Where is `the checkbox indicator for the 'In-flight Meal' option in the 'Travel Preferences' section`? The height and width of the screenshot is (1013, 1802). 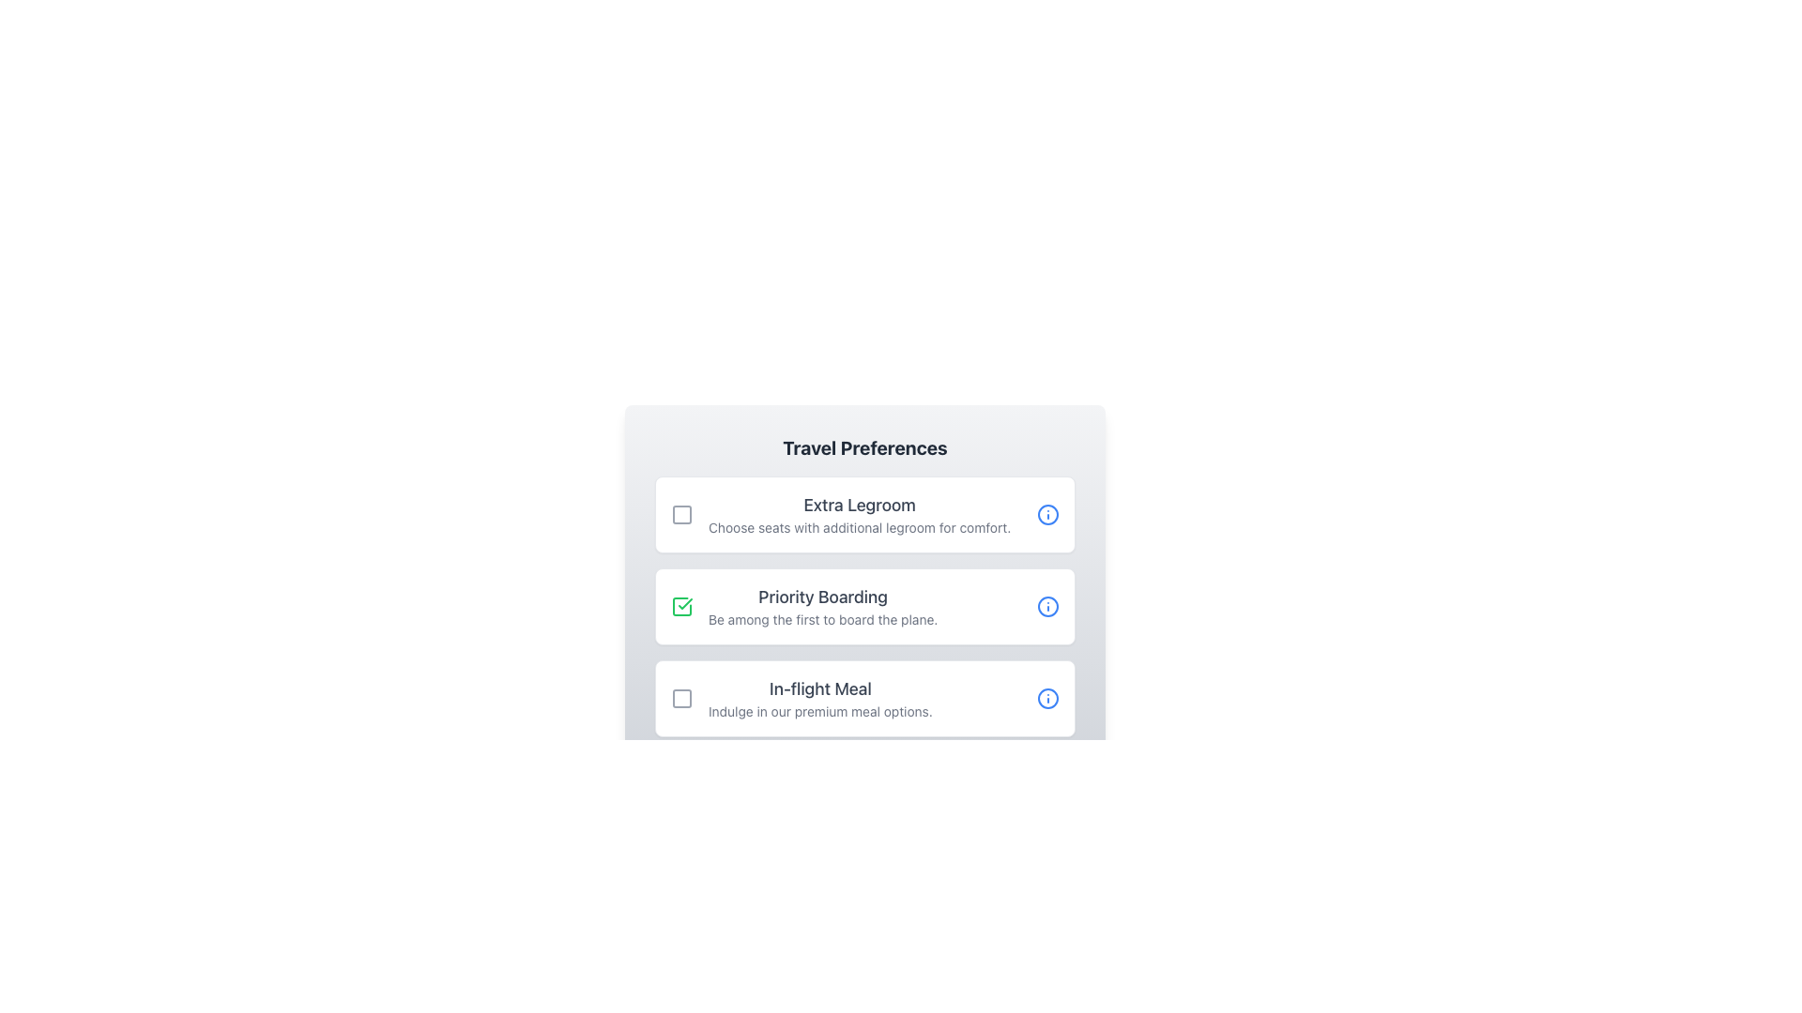 the checkbox indicator for the 'In-flight Meal' option in the 'Travel Preferences' section is located at coordinates (680, 698).